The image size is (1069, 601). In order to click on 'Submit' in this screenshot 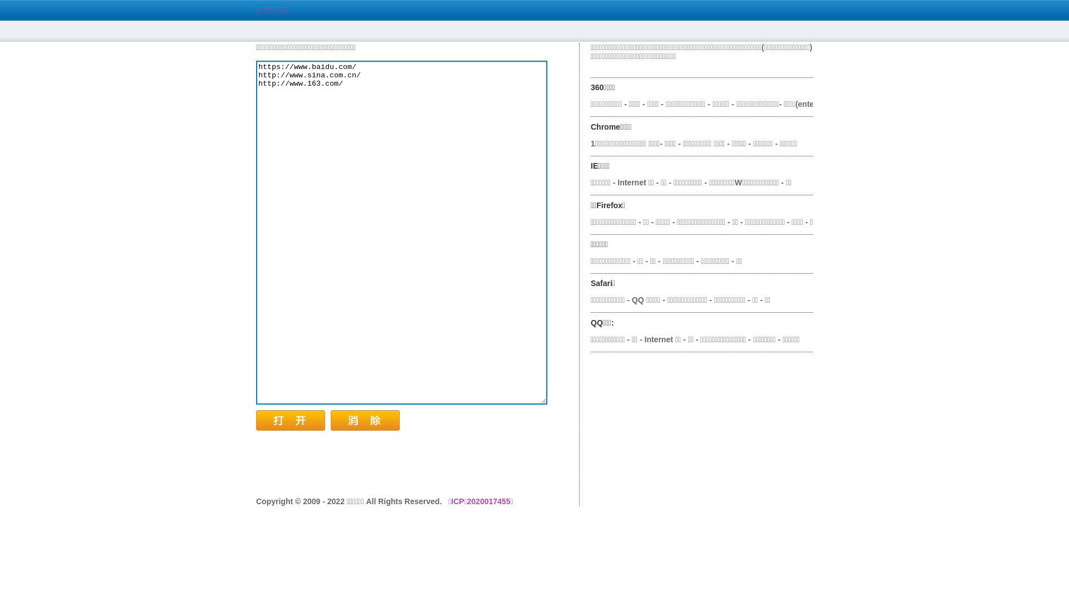, I will do `click(291, 420)`.